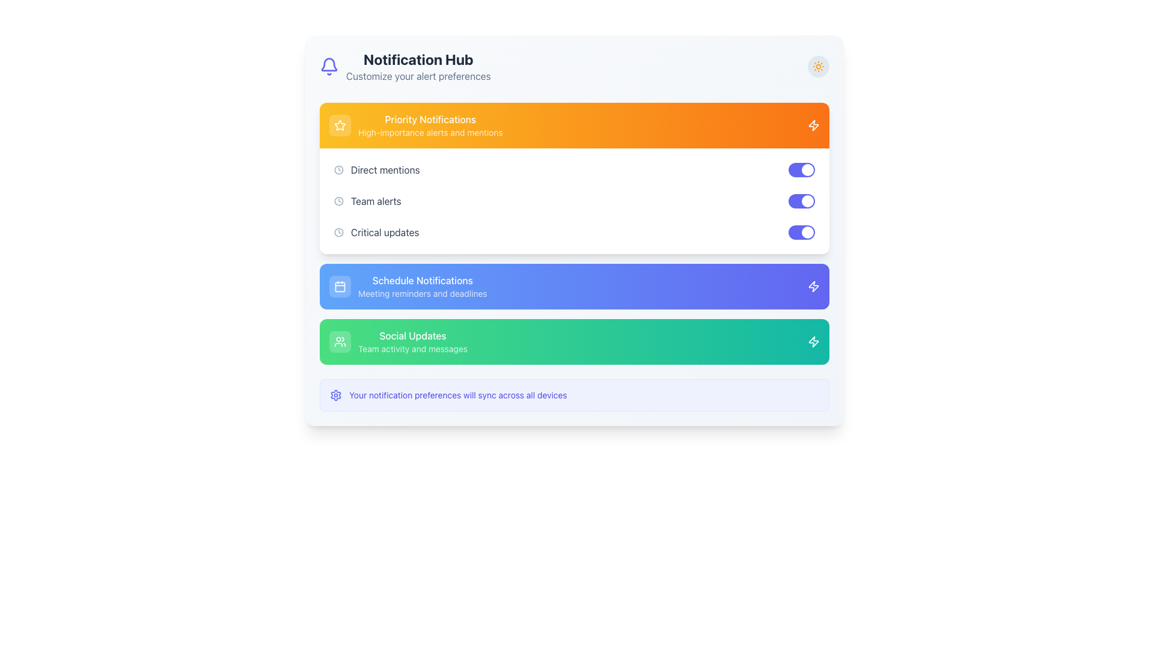 The height and width of the screenshot is (649, 1154). I want to click on the circular button with a light gray background and a yellow-orange sun icon, so click(818, 67).